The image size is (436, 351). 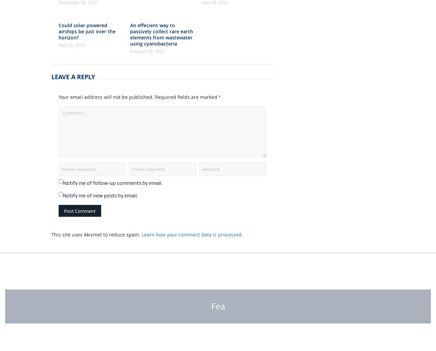 I want to click on '*', so click(x=219, y=114).